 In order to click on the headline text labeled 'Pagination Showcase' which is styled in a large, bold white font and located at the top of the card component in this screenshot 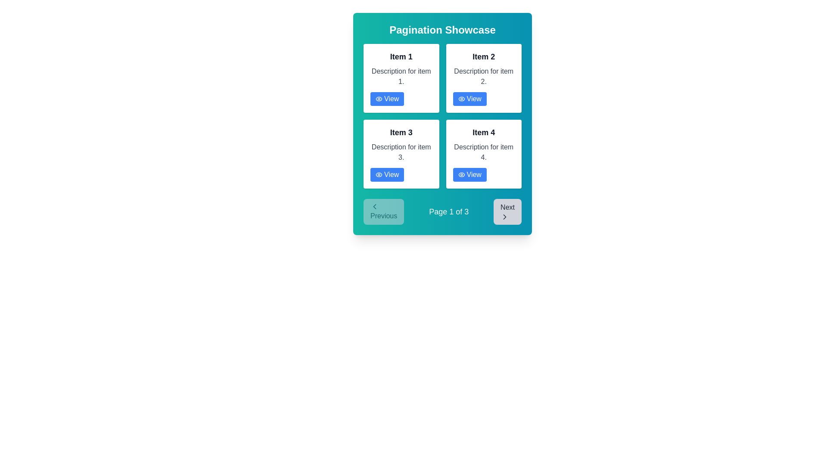, I will do `click(442, 29)`.